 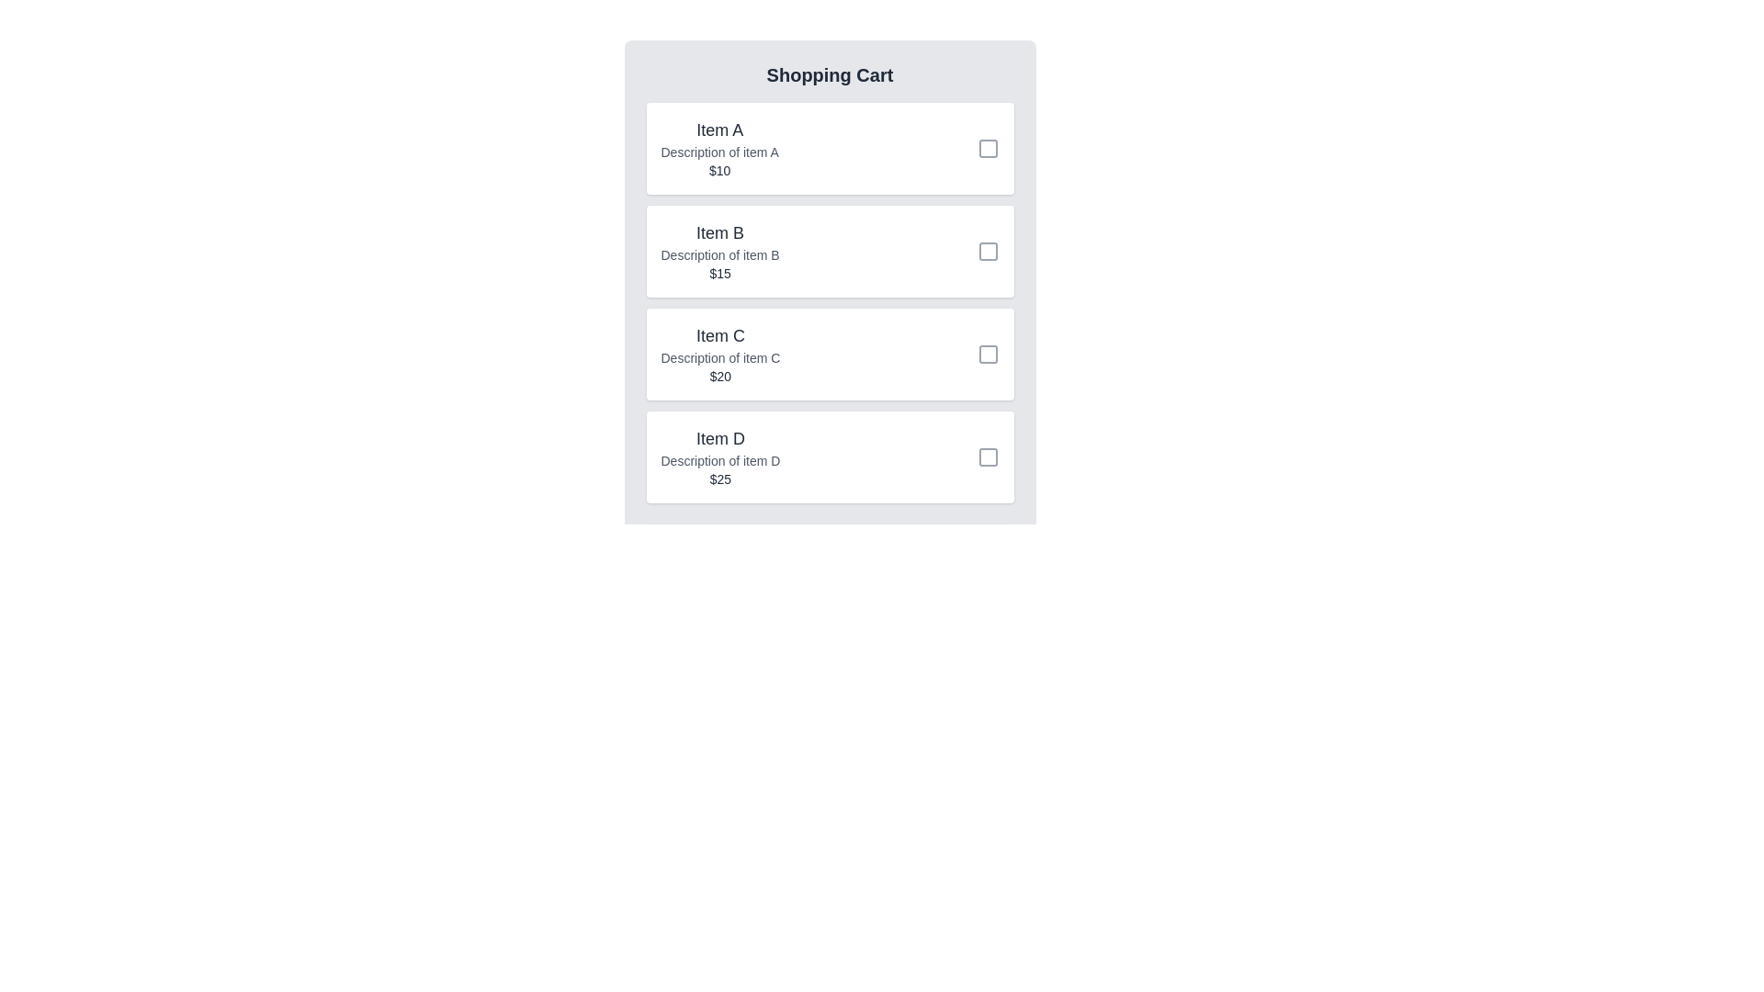 I want to click on the Text block displaying product information in the shopping cart, which is the third item in the list under the 'Shopping Cart' header, so click(x=719, y=354).